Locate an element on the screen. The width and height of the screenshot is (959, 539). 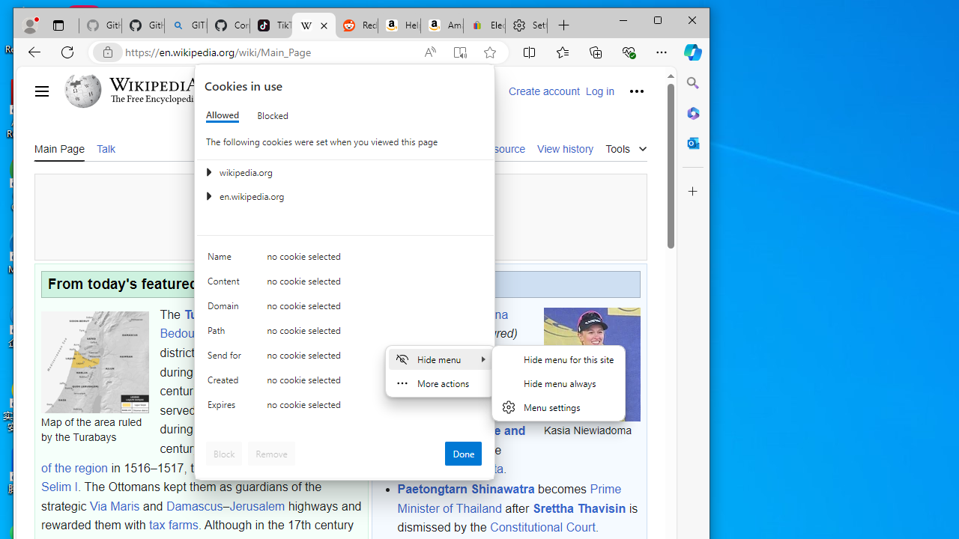
'More actions' is located at coordinates (439, 382).